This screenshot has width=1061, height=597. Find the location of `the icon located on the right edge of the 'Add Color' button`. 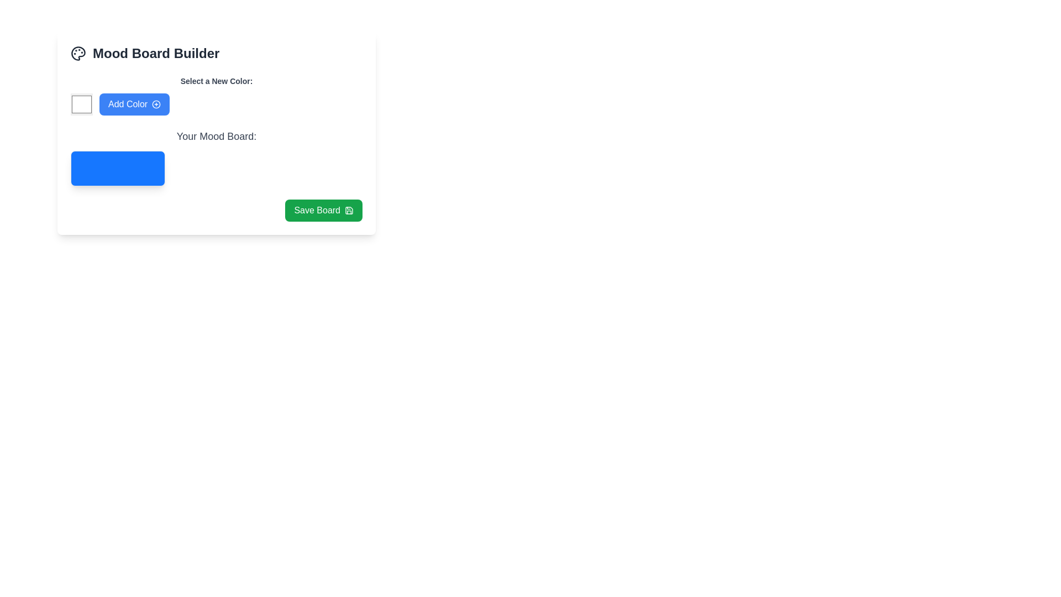

the icon located on the right edge of the 'Add Color' button is located at coordinates (156, 104).